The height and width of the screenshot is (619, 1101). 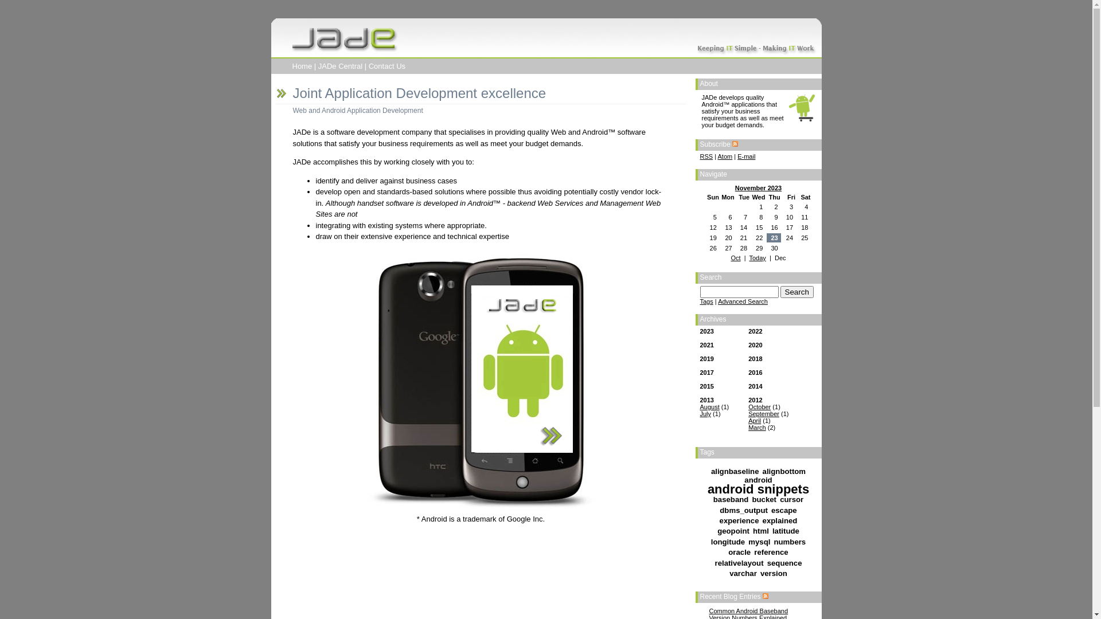 I want to click on 'escape', so click(x=771, y=510).